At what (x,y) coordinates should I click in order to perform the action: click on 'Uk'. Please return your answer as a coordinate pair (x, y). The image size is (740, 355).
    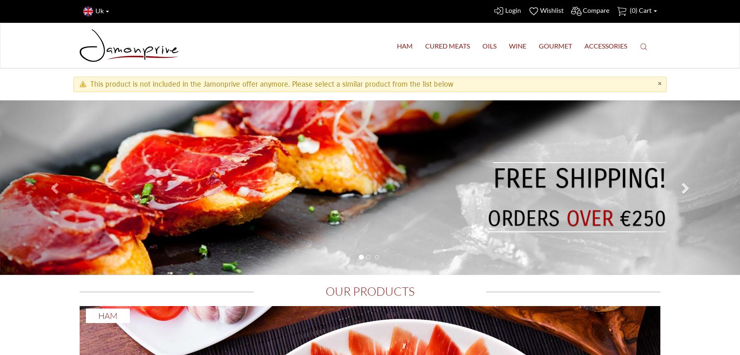
    Looking at the image, I should click on (100, 10).